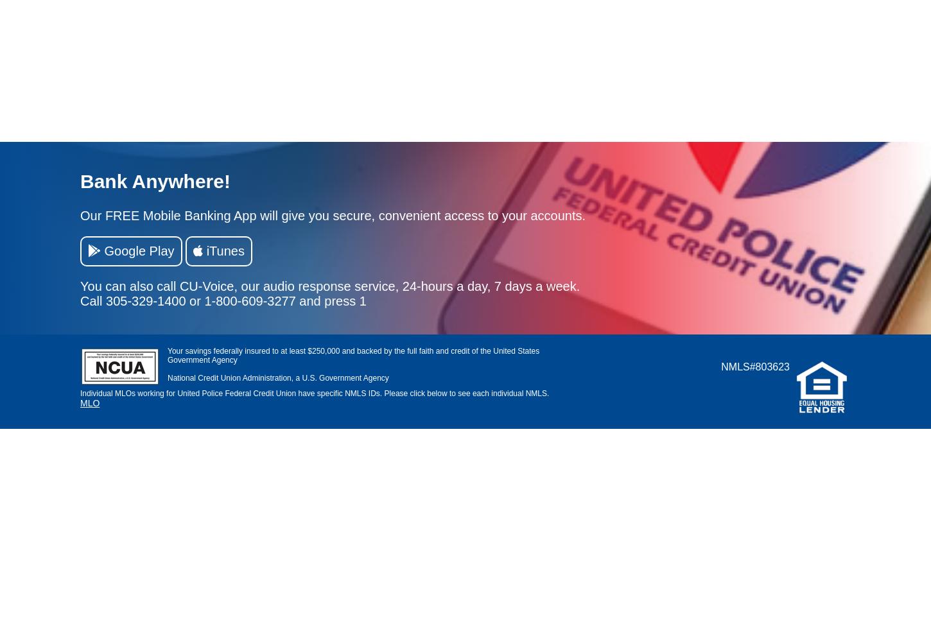 The width and height of the screenshot is (931, 642). What do you see at coordinates (137, 250) in the screenshot?
I see `'Google Play'` at bounding box center [137, 250].